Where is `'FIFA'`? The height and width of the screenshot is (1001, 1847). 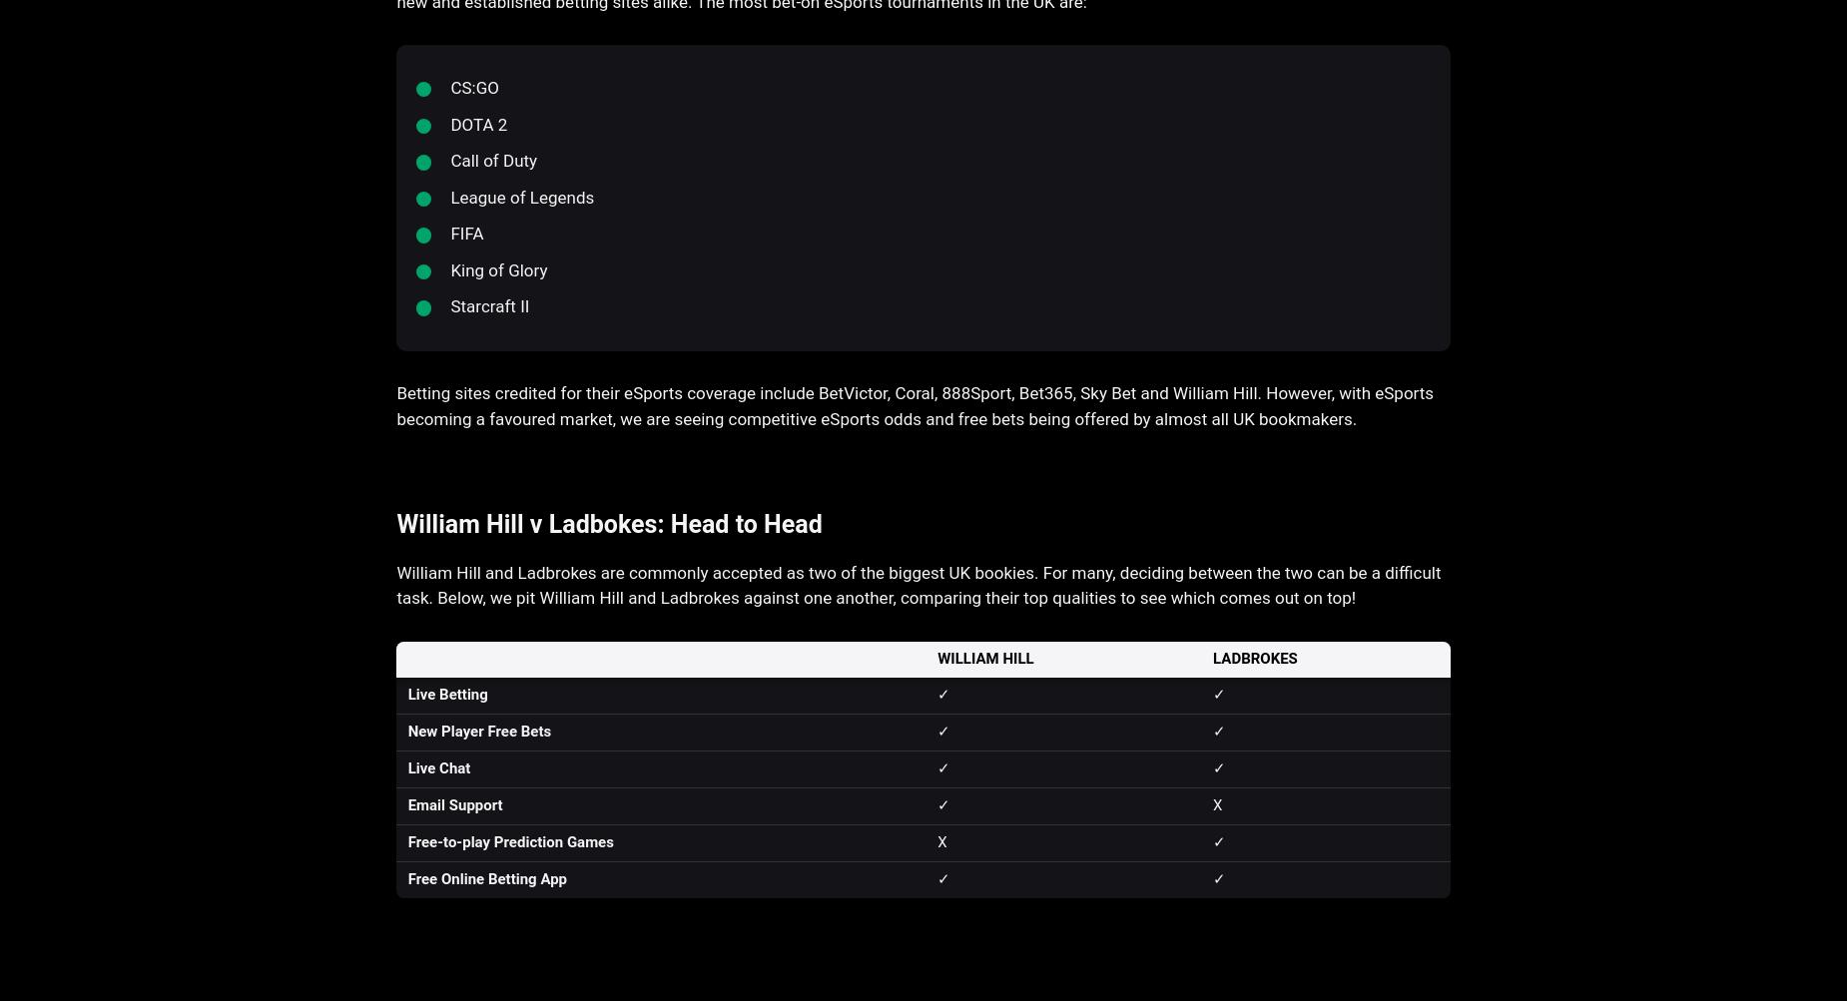 'FIFA' is located at coordinates (466, 233).